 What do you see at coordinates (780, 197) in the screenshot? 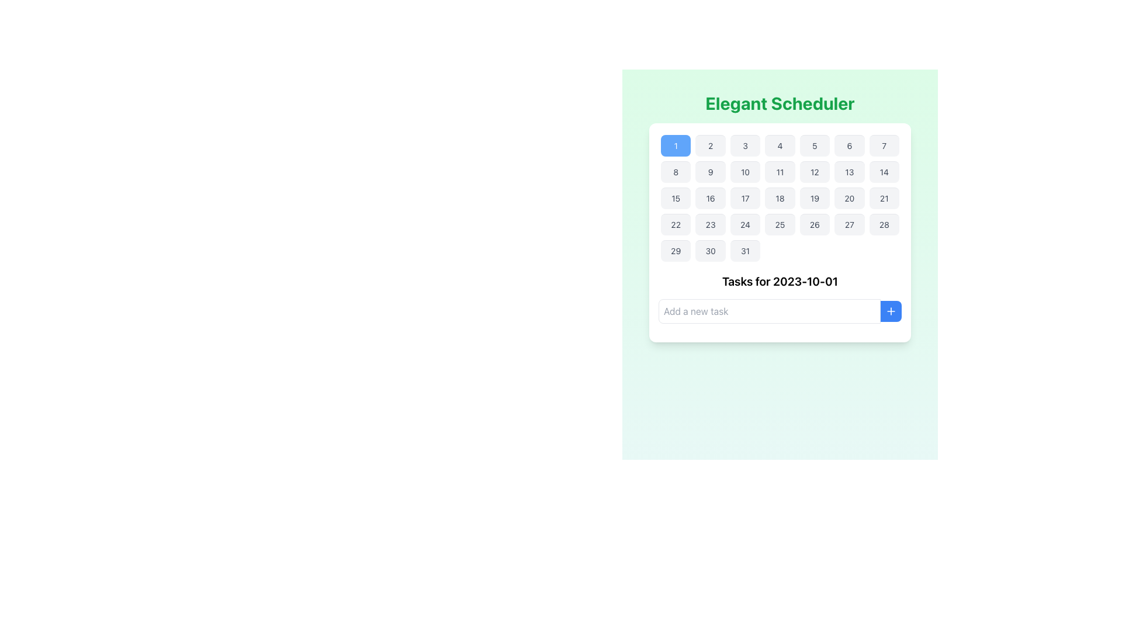
I see `the selected day in the calendar grid` at bounding box center [780, 197].